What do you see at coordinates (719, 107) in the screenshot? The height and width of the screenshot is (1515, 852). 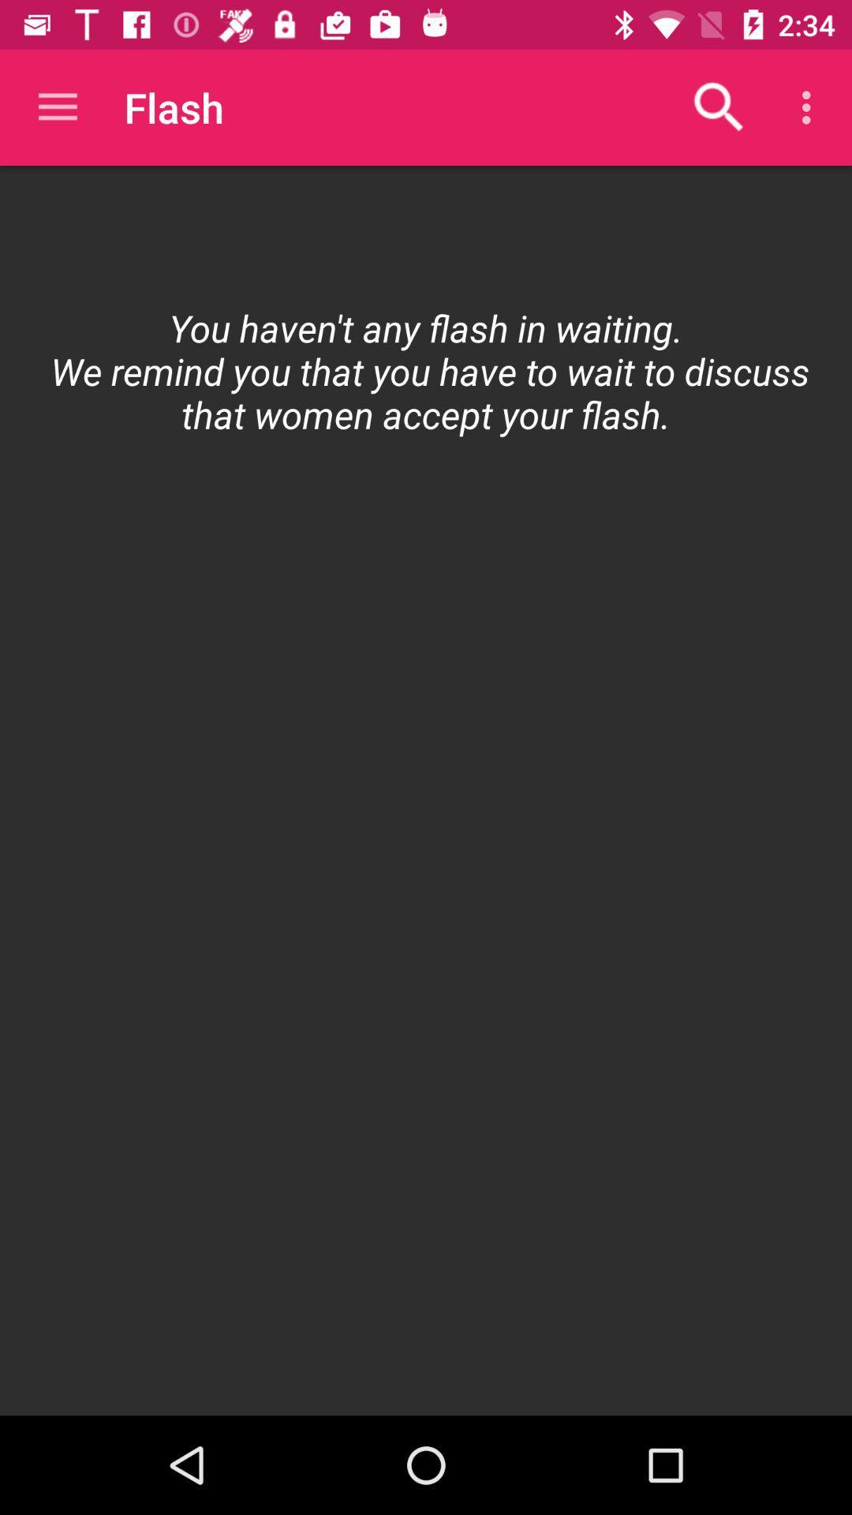 I see `the icon to the right of the flash item` at bounding box center [719, 107].